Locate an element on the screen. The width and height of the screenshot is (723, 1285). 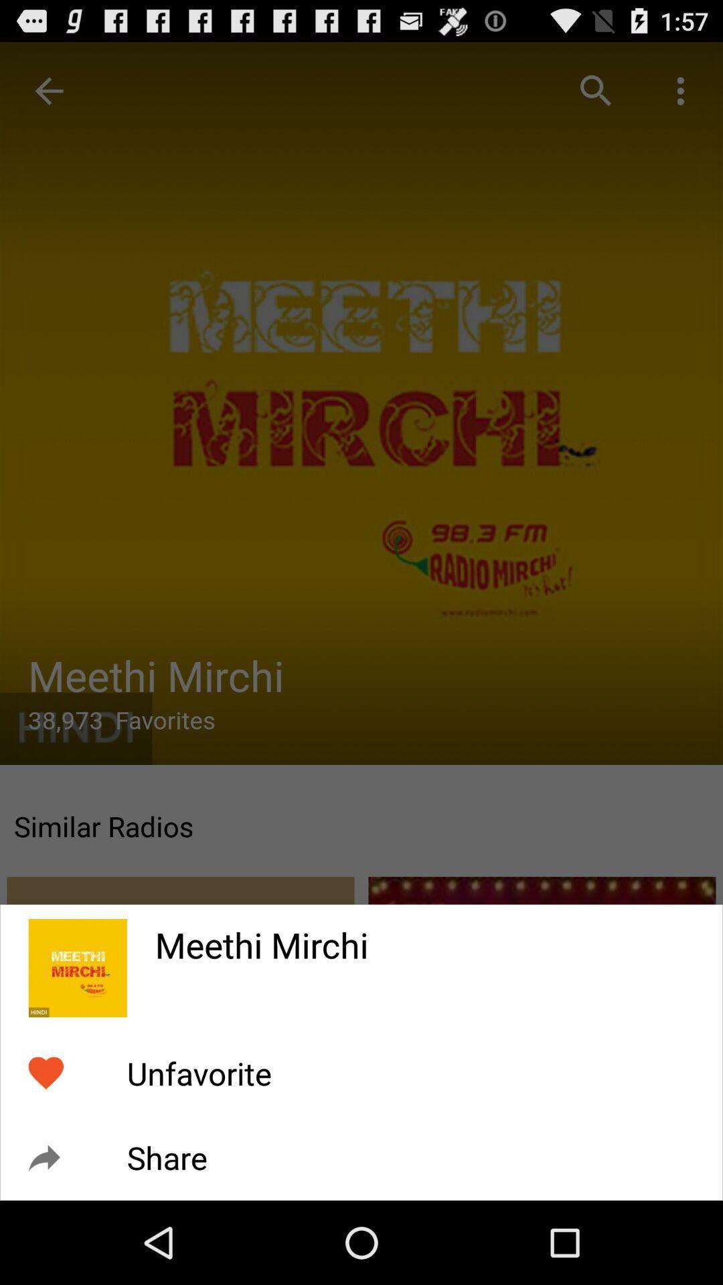
icon next to meethi mirchi is located at coordinates (78, 968).